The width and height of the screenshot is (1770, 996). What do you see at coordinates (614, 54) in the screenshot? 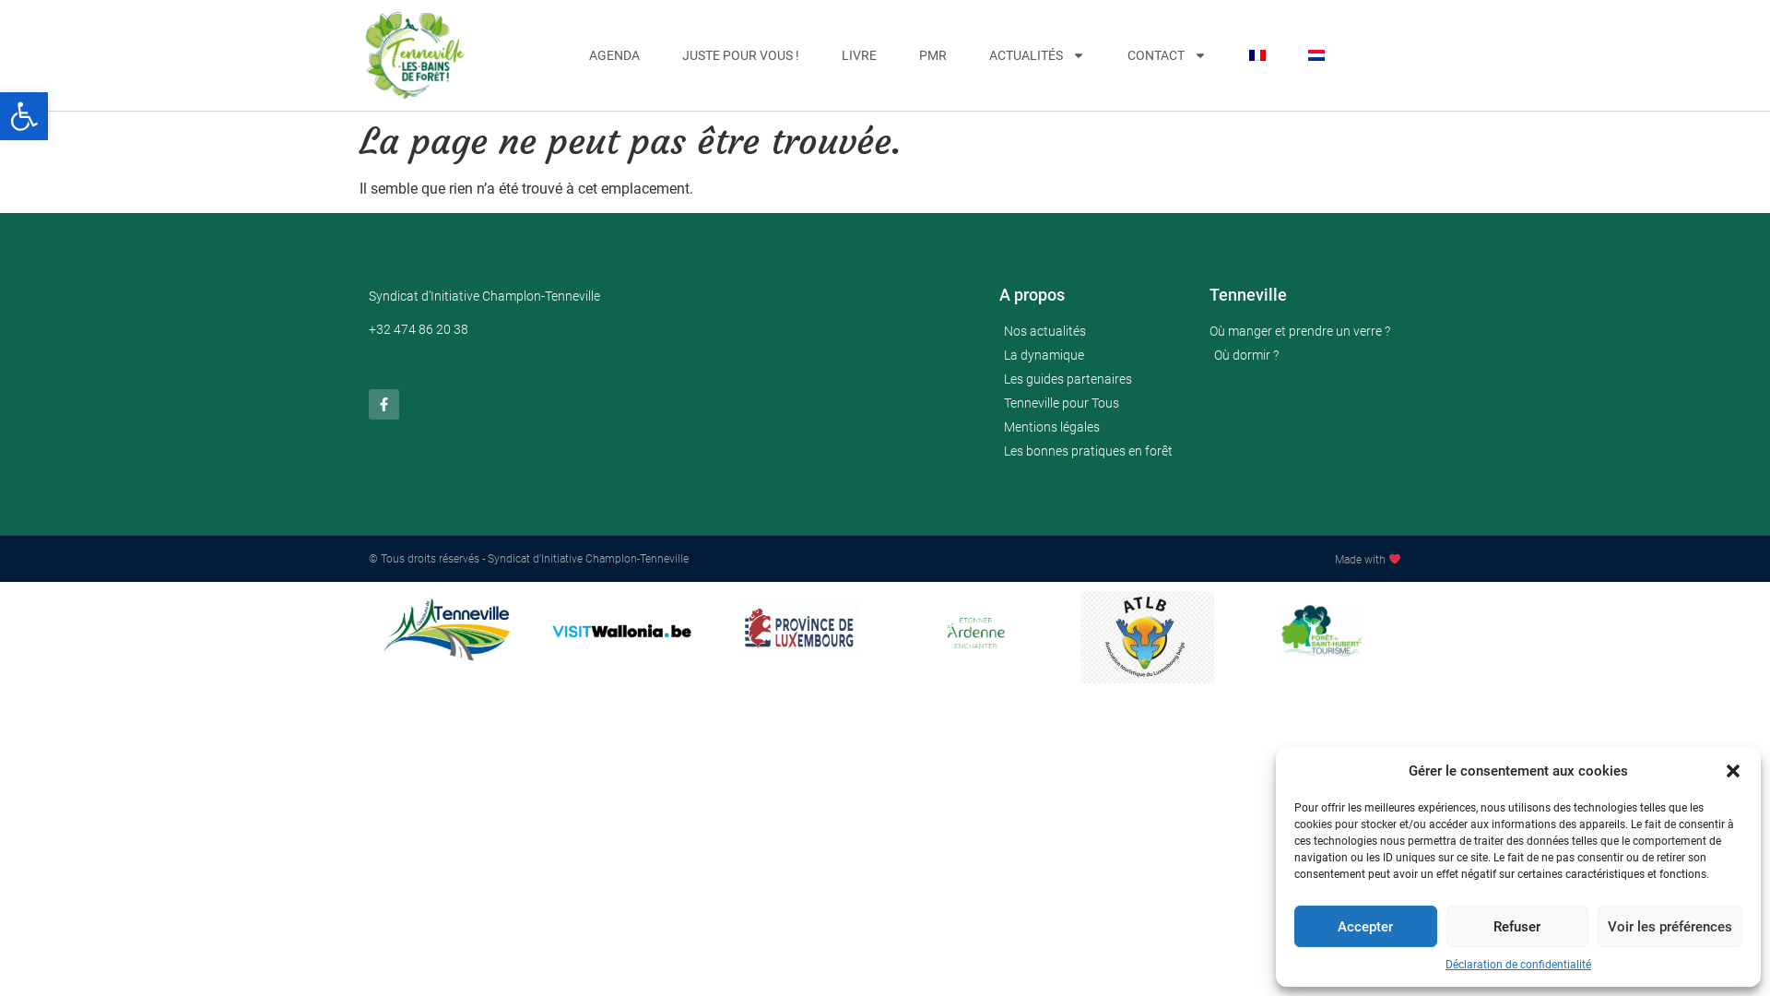
I see `'AGENDA'` at bounding box center [614, 54].